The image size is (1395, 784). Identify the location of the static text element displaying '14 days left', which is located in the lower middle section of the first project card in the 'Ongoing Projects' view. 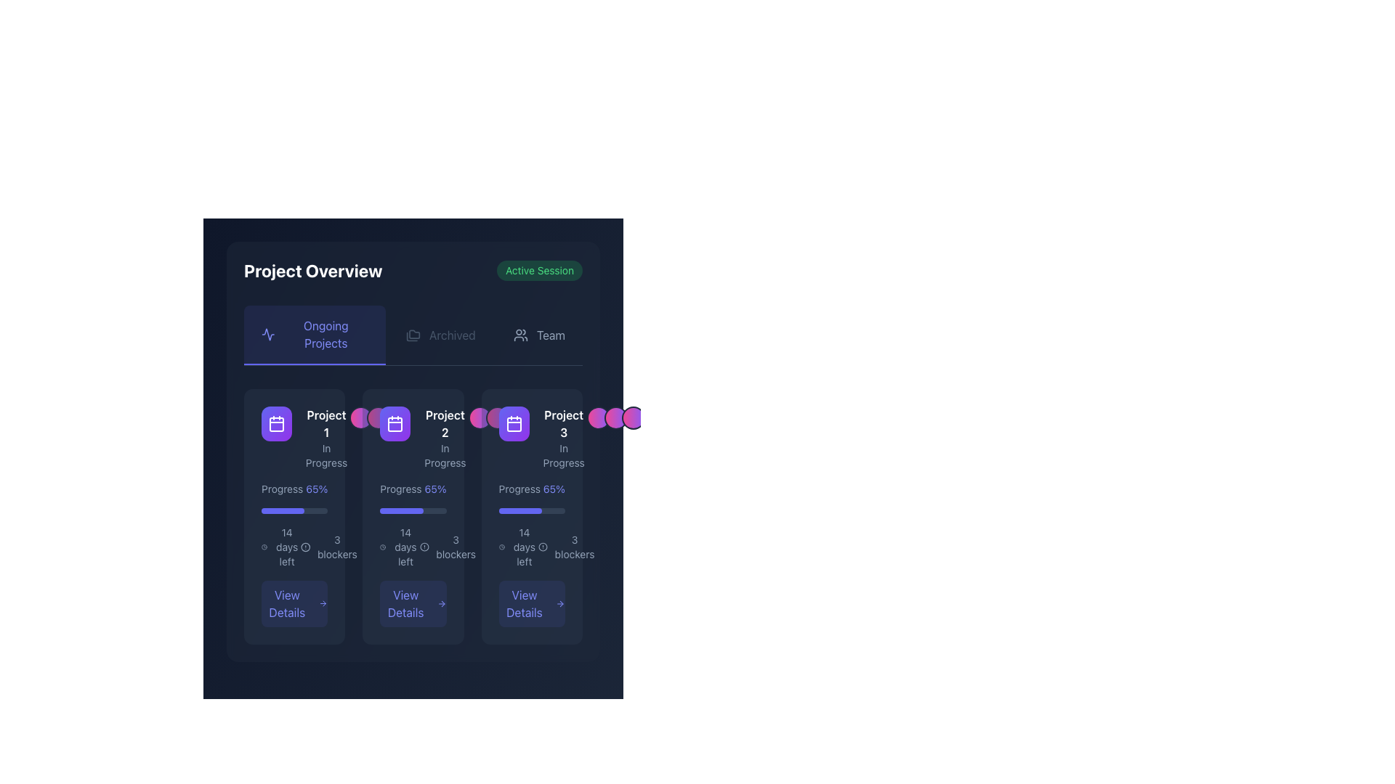
(287, 547).